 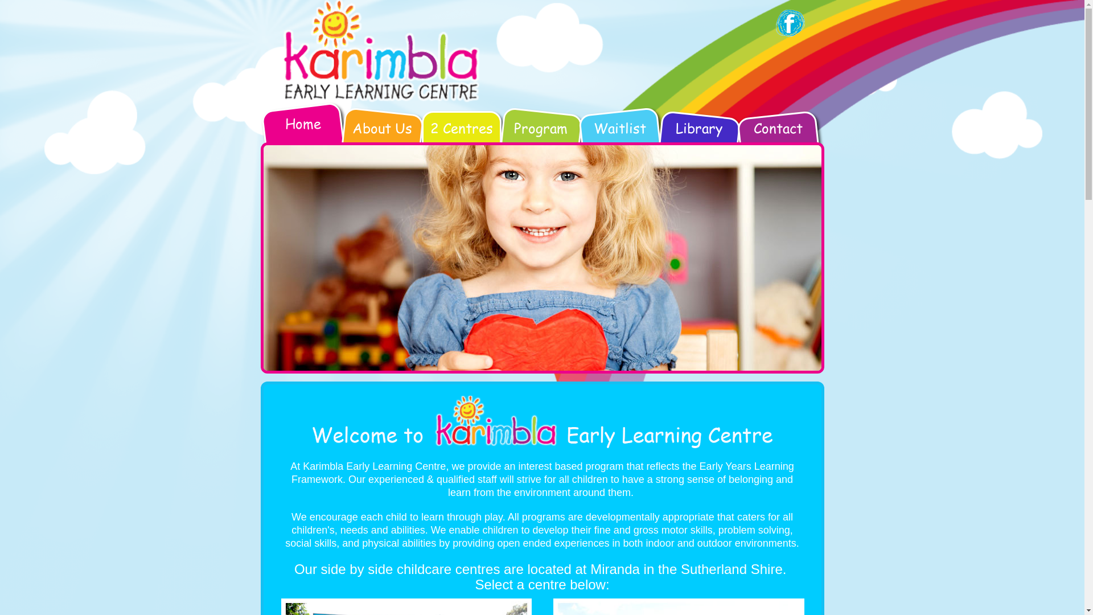 What do you see at coordinates (778, 135) in the screenshot?
I see `'Contact'` at bounding box center [778, 135].